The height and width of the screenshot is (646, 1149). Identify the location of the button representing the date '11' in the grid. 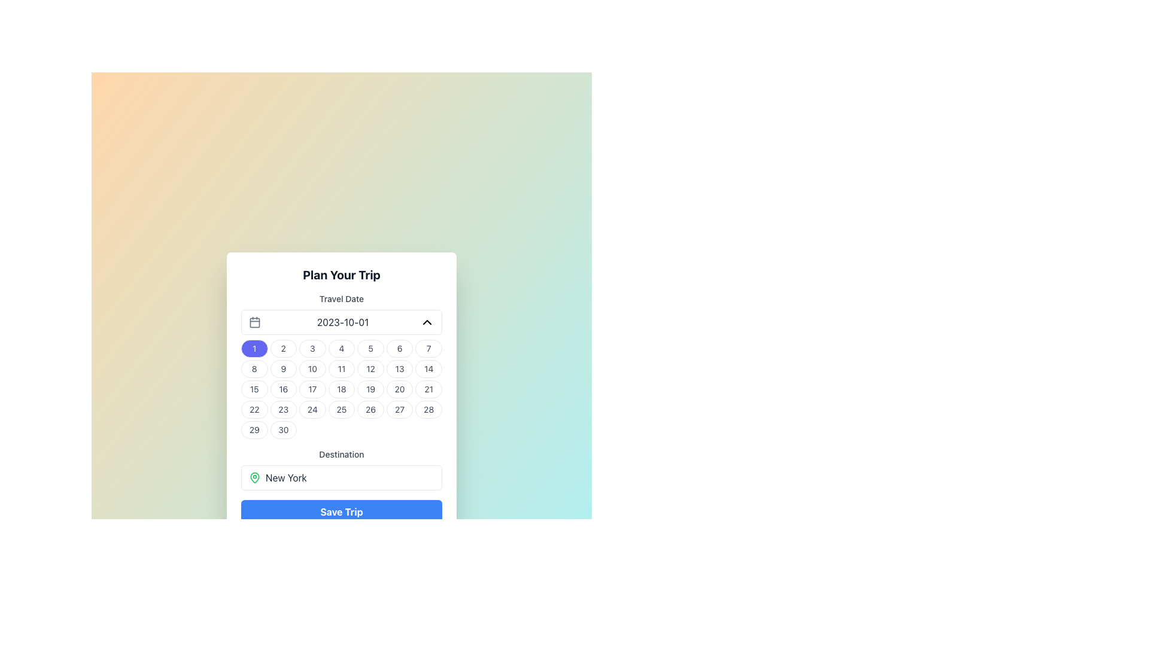
(341, 368).